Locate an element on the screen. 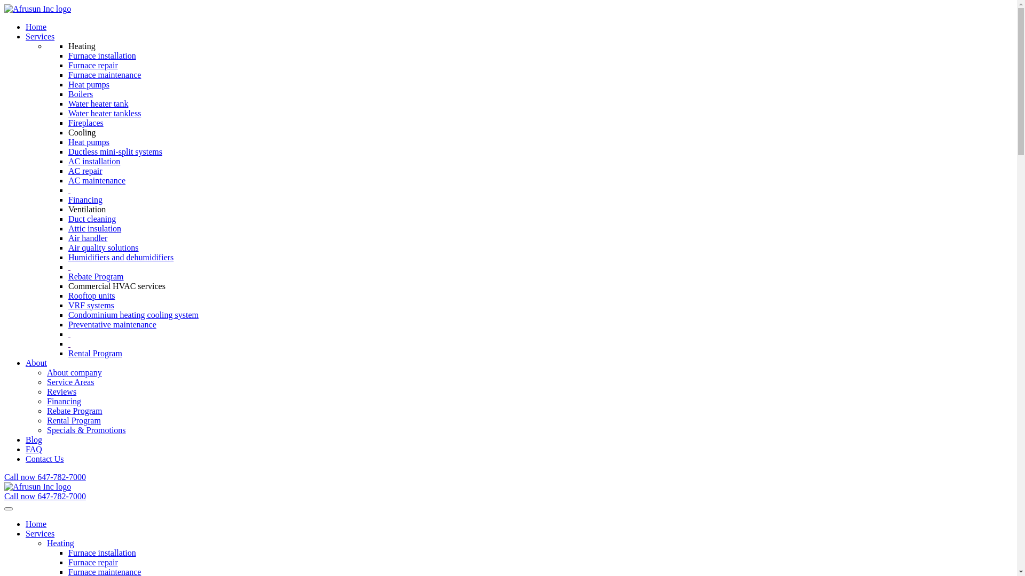 The height and width of the screenshot is (576, 1025). 'AC installation' is located at coordinates (68, 161).